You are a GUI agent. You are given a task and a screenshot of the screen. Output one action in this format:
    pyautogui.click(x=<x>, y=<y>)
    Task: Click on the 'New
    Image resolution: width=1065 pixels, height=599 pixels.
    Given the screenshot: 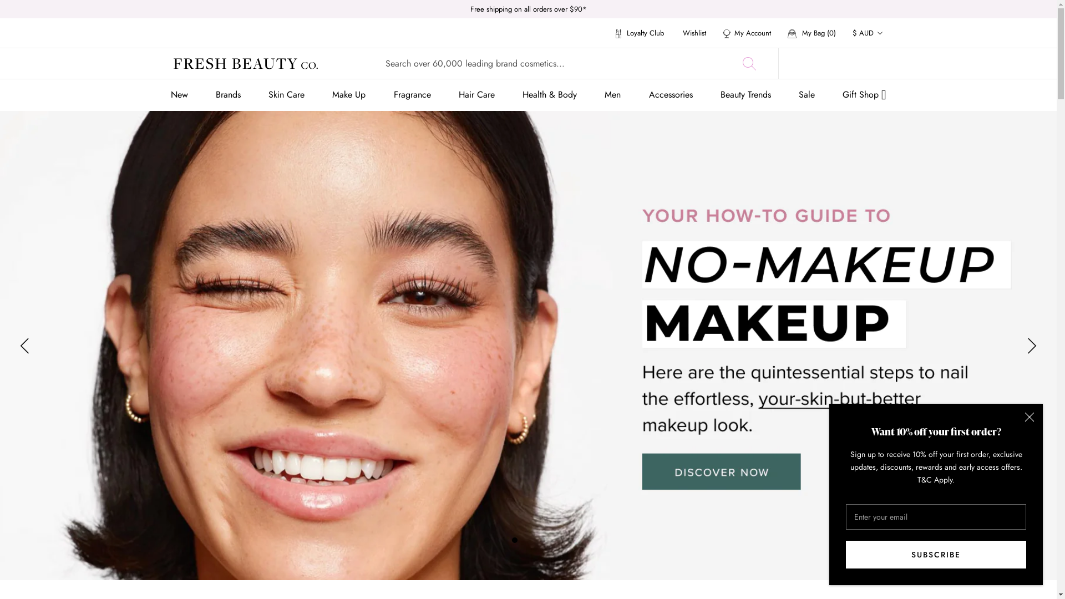 What is the action you would take?
    pyautogui.click(x=170, y=94)
    